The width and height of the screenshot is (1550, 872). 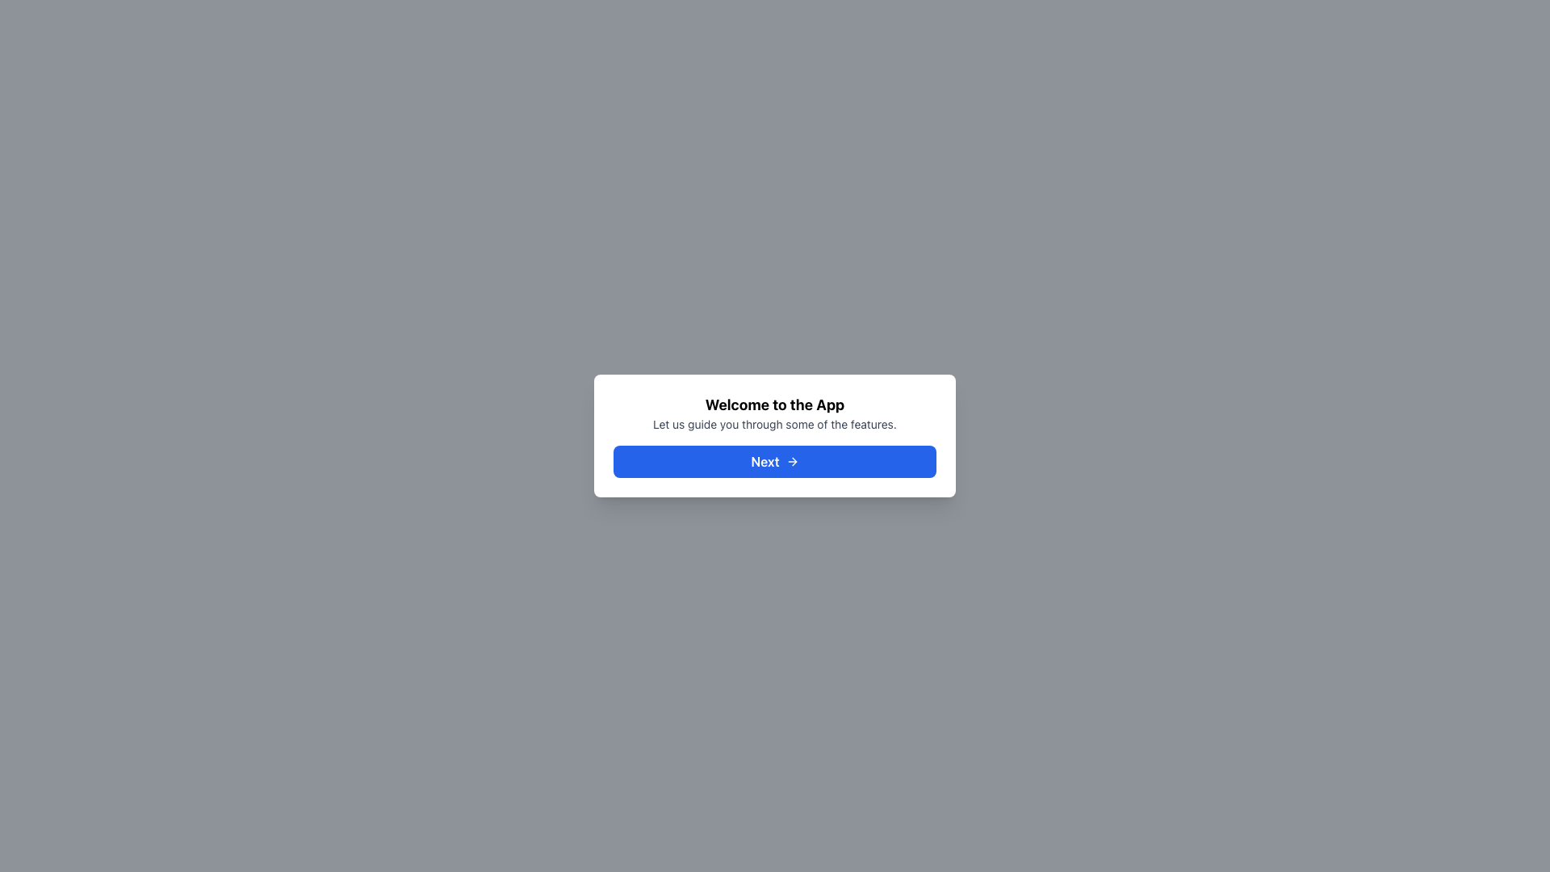 I want to click on the blue button labeled 'Next' at the bottom of the dialog box that displays 'Welcome to the App' to proceed, so click(x=775, y=436).